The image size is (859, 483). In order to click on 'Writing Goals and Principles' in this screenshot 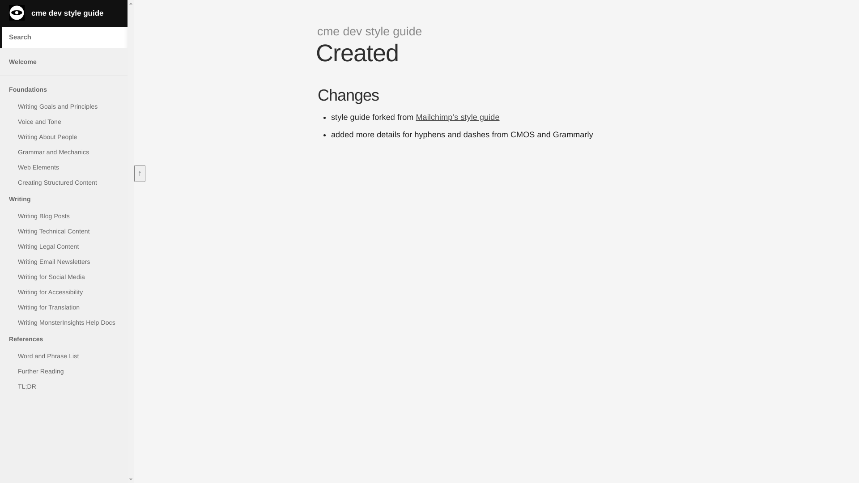, I will do `click(63, 106)`.